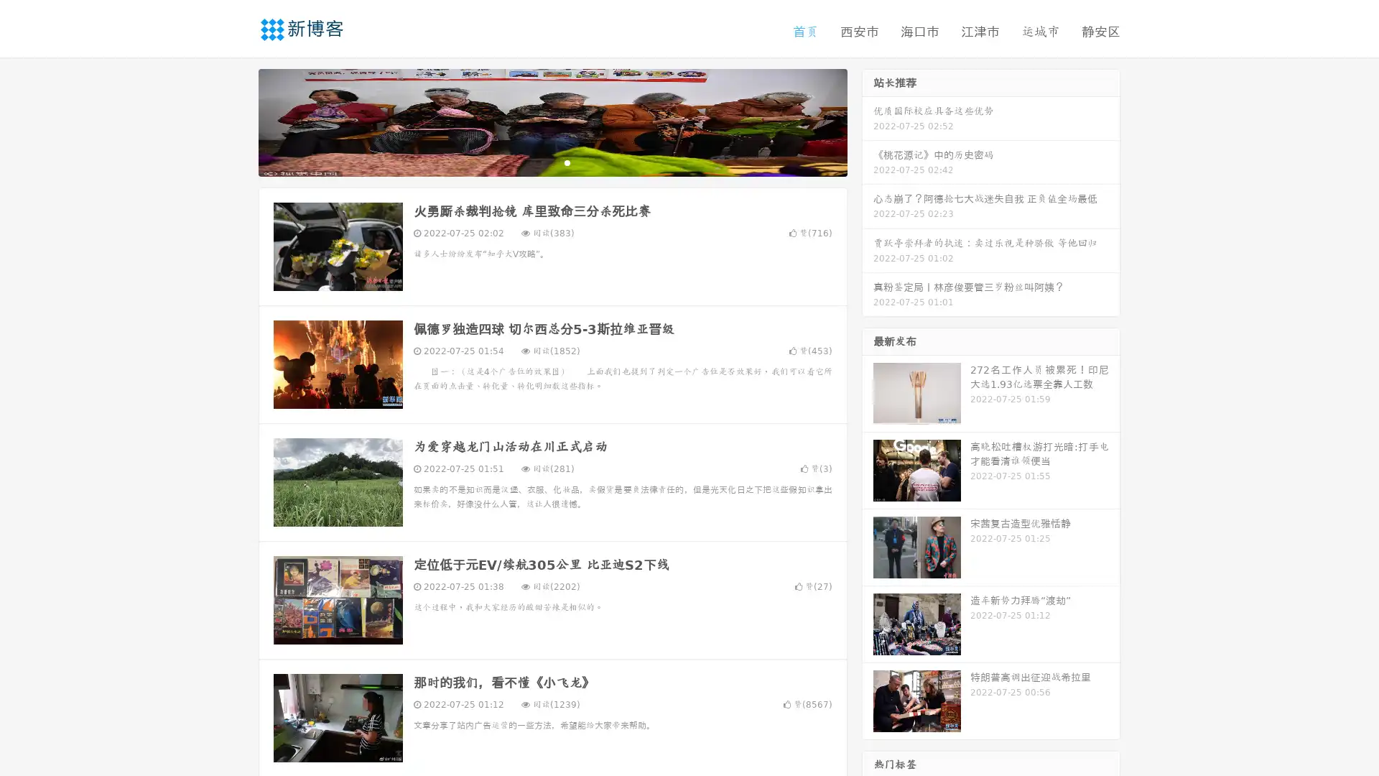 The height and width of the screenshot is (776, 1379). Describe the element at coordinates (237, 121) in the screenshot. I see `Previous slide` at that location.